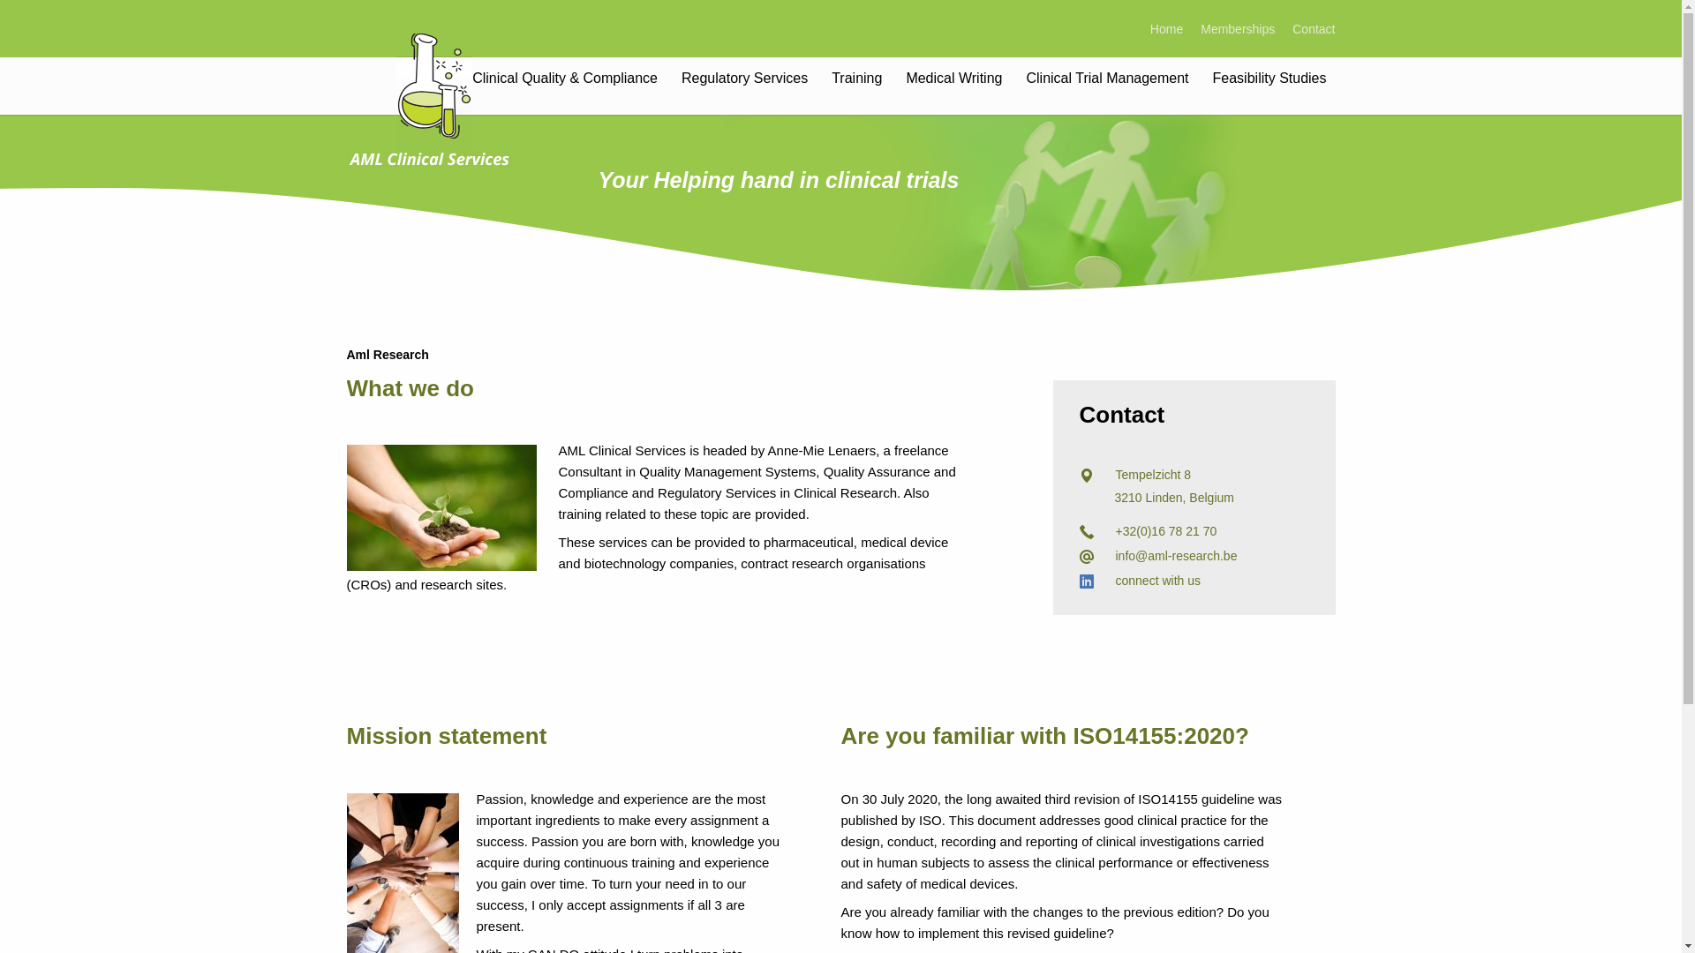 The height and width of the screenshot is (953, 1695). Describe the element at coordinates (563, 77) in the screenshot. I see `'Clinical Quality & Compliance'` at that location.